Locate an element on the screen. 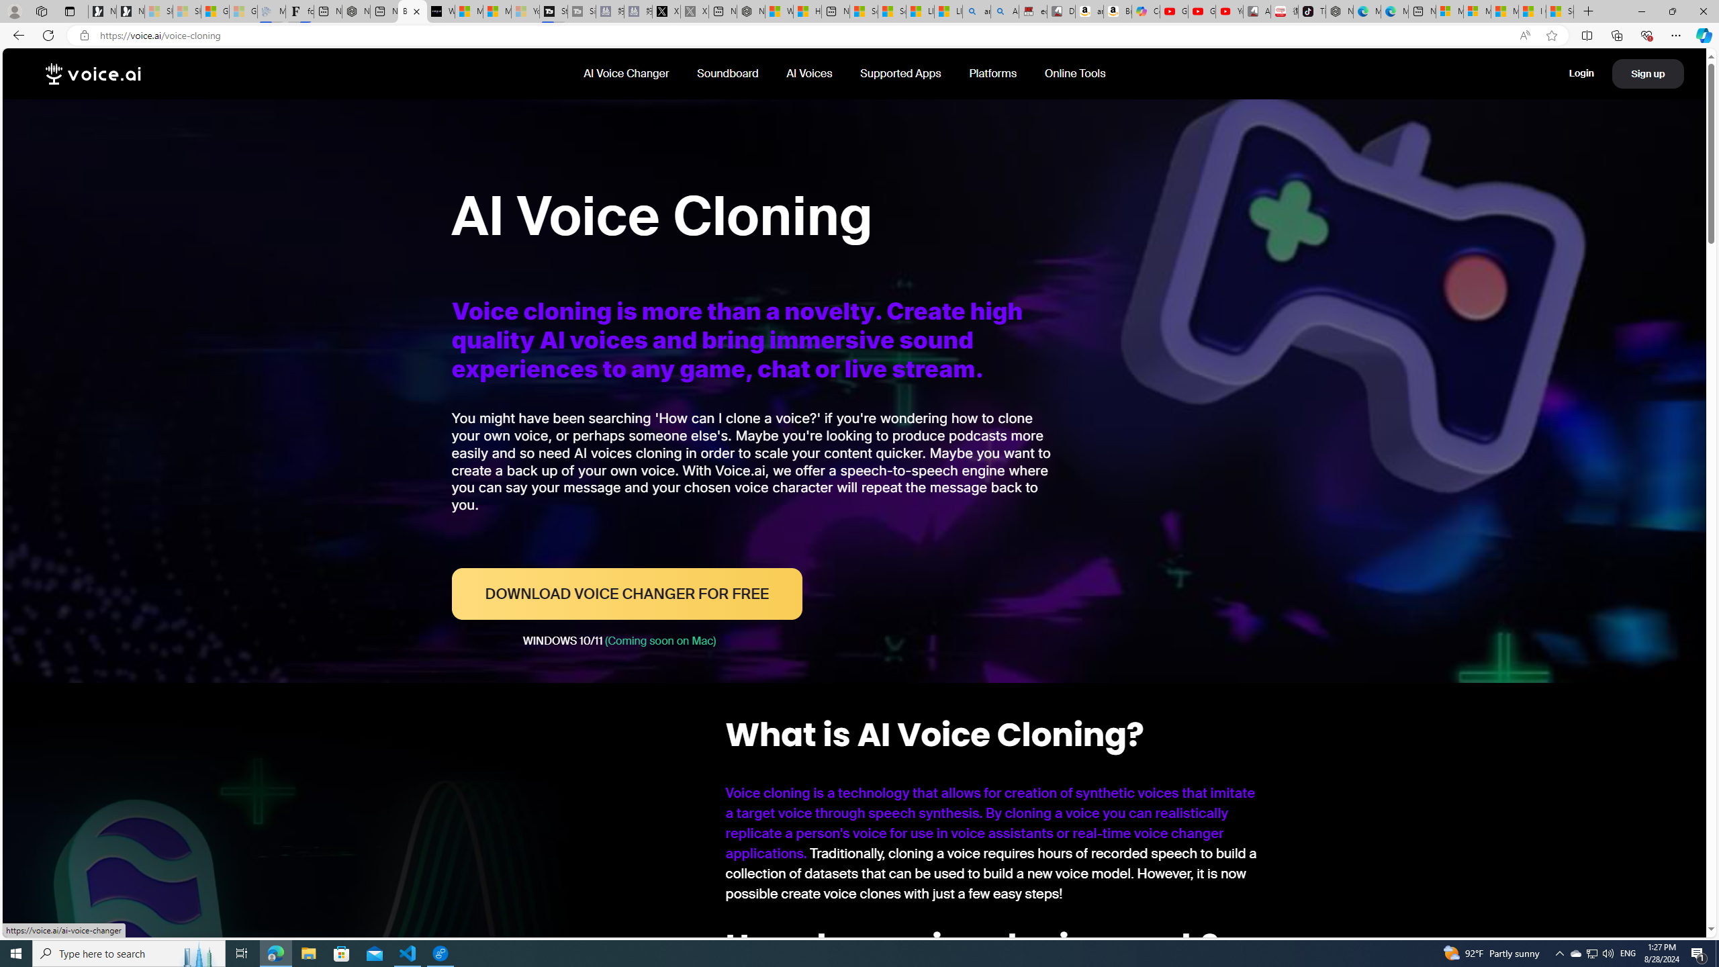  'Supported Apps ' is located at coordinates (900, 73).